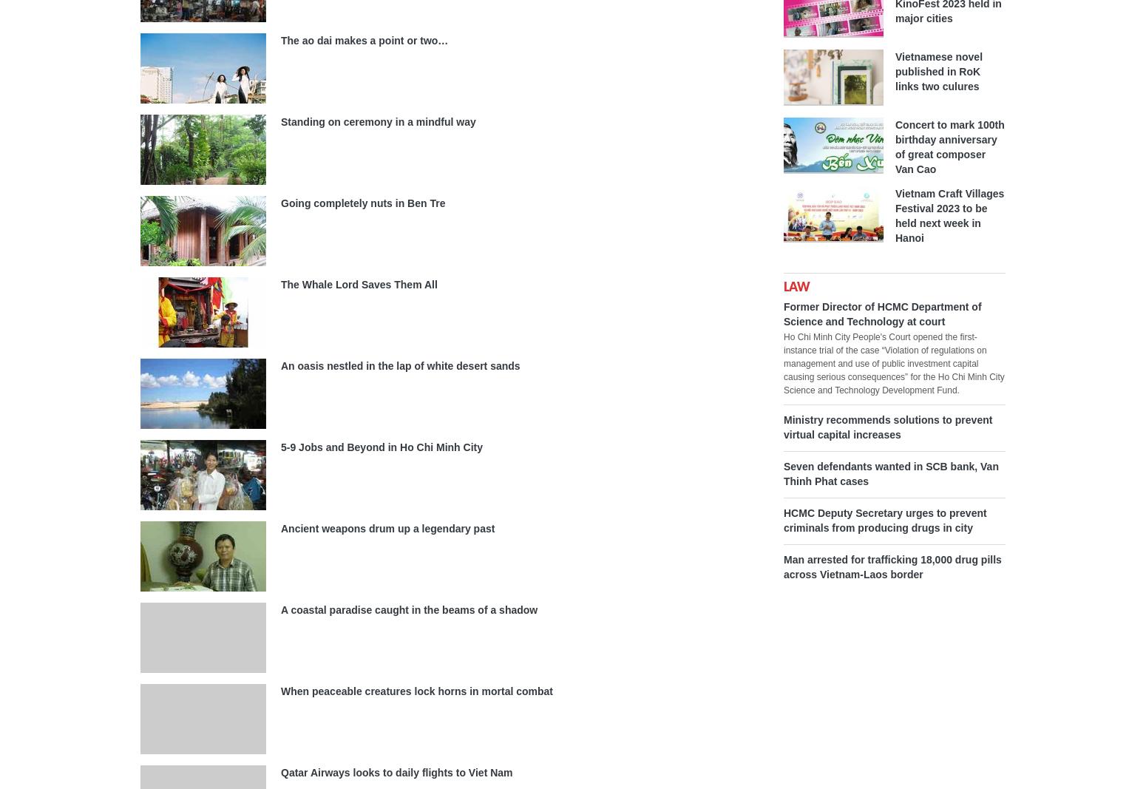 The image size is (1146, 789). I want to click on 'HCMC Deputy Secretary urges to prevent criminals from producing drugs in city', so click(784, 520).